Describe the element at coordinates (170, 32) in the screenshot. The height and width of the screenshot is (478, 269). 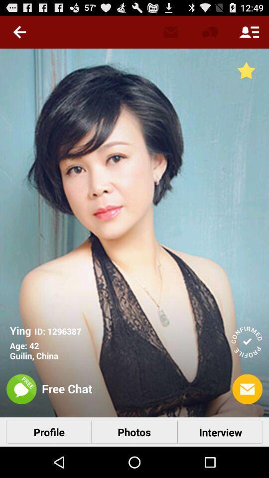
I see `the message icon which is left to the chat icon` at that location.